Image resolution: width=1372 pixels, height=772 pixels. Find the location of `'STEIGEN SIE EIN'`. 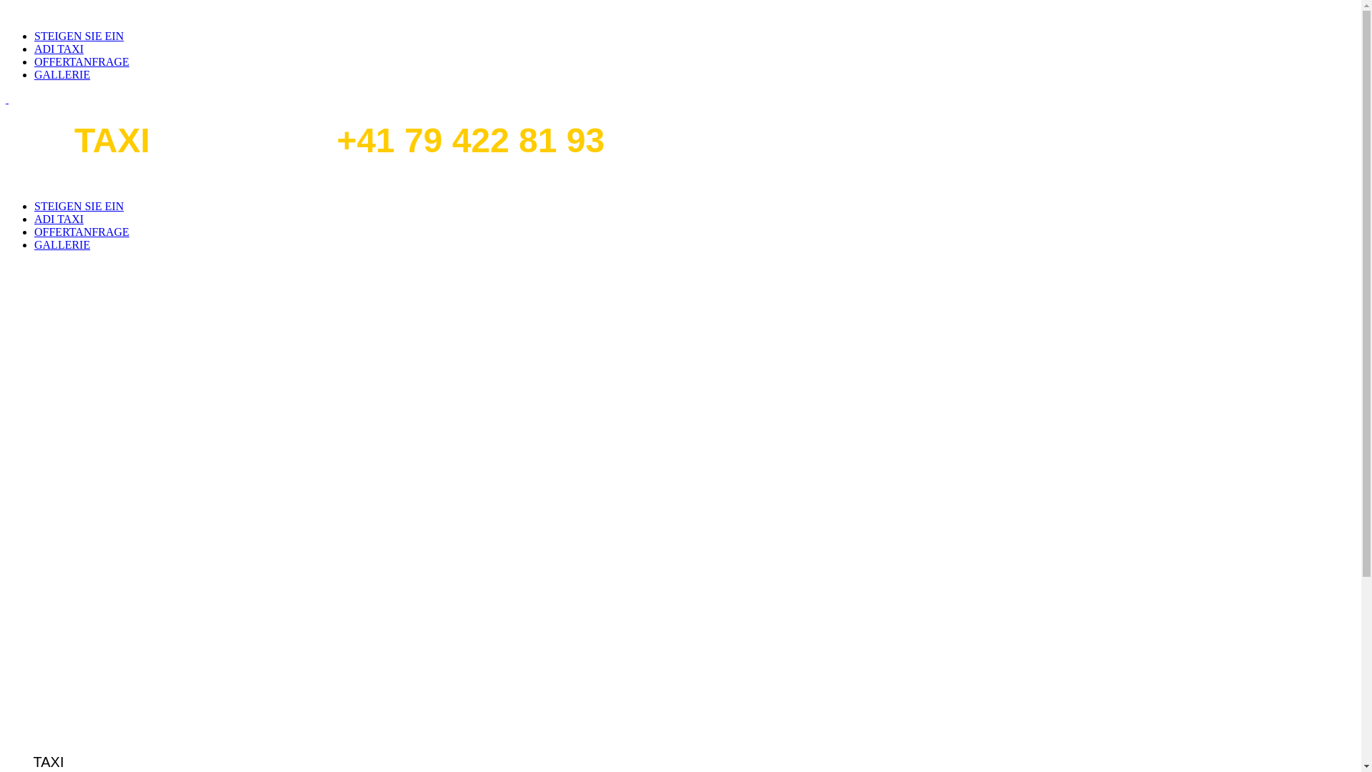

'STEIGEN SIE EIN' is located at coordinates (78, 206).